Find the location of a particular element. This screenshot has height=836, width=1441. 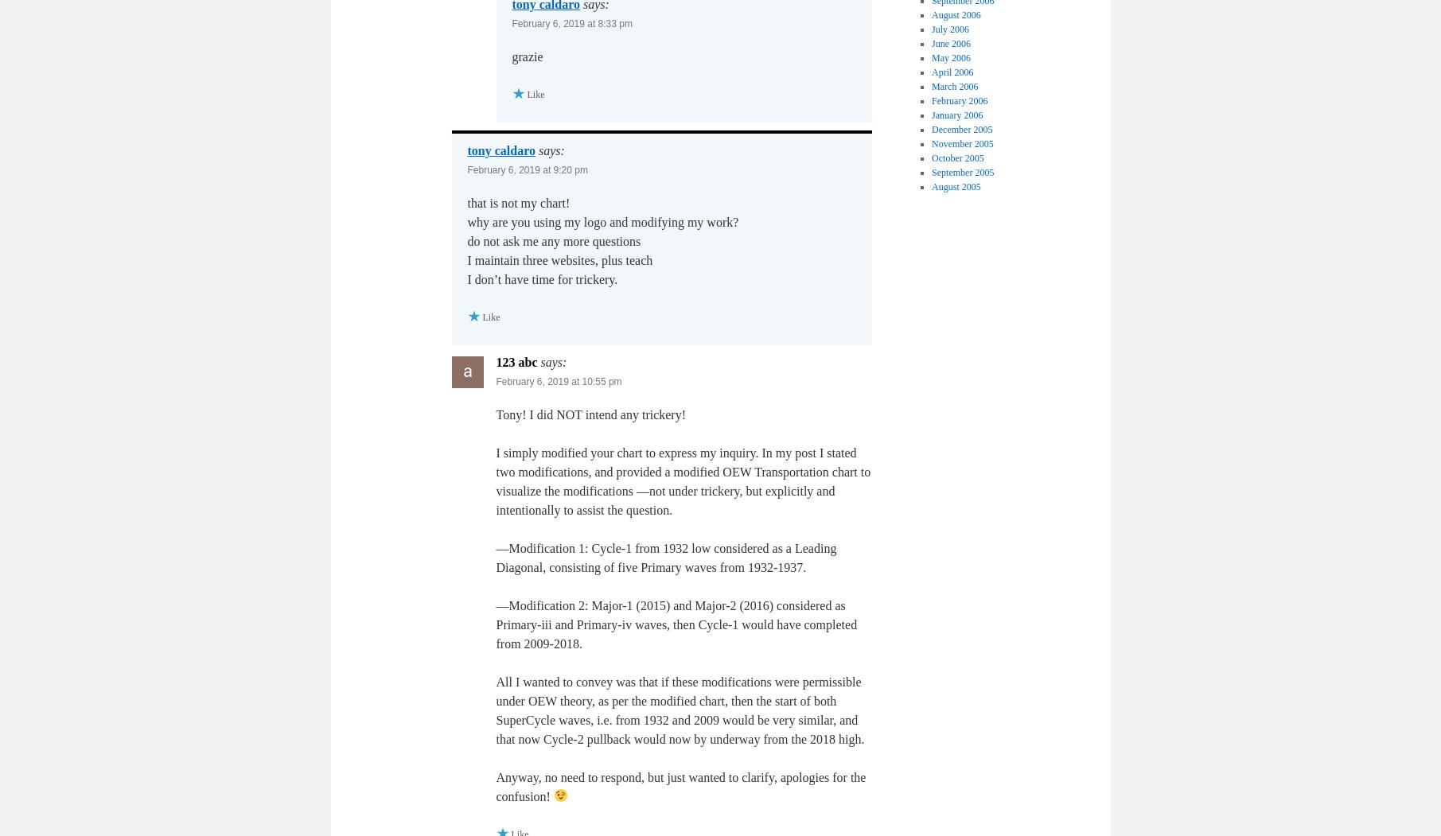

'—Modification 1: Cycle-1 from 1932 low considered as a Leading Diagonal, consisting of five Primary waves from 1932-1937.' is located at coordinates (666, 556).